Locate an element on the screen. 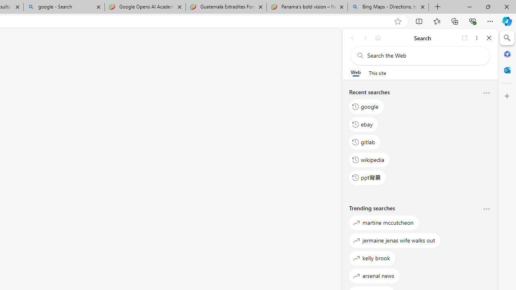 The width and height of the screenshot is (516, 290). 'Google Opens AI Academy for Startups - Nearshore Americas' is located at coordinates (145, 7).